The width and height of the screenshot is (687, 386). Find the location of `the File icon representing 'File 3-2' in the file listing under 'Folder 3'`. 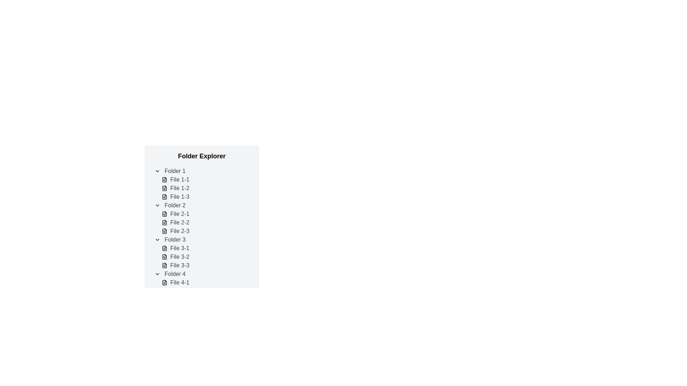

the File icon representing 'File 3-2' in the file listing under 'Folder 3' is located at coordinates (164, 256).